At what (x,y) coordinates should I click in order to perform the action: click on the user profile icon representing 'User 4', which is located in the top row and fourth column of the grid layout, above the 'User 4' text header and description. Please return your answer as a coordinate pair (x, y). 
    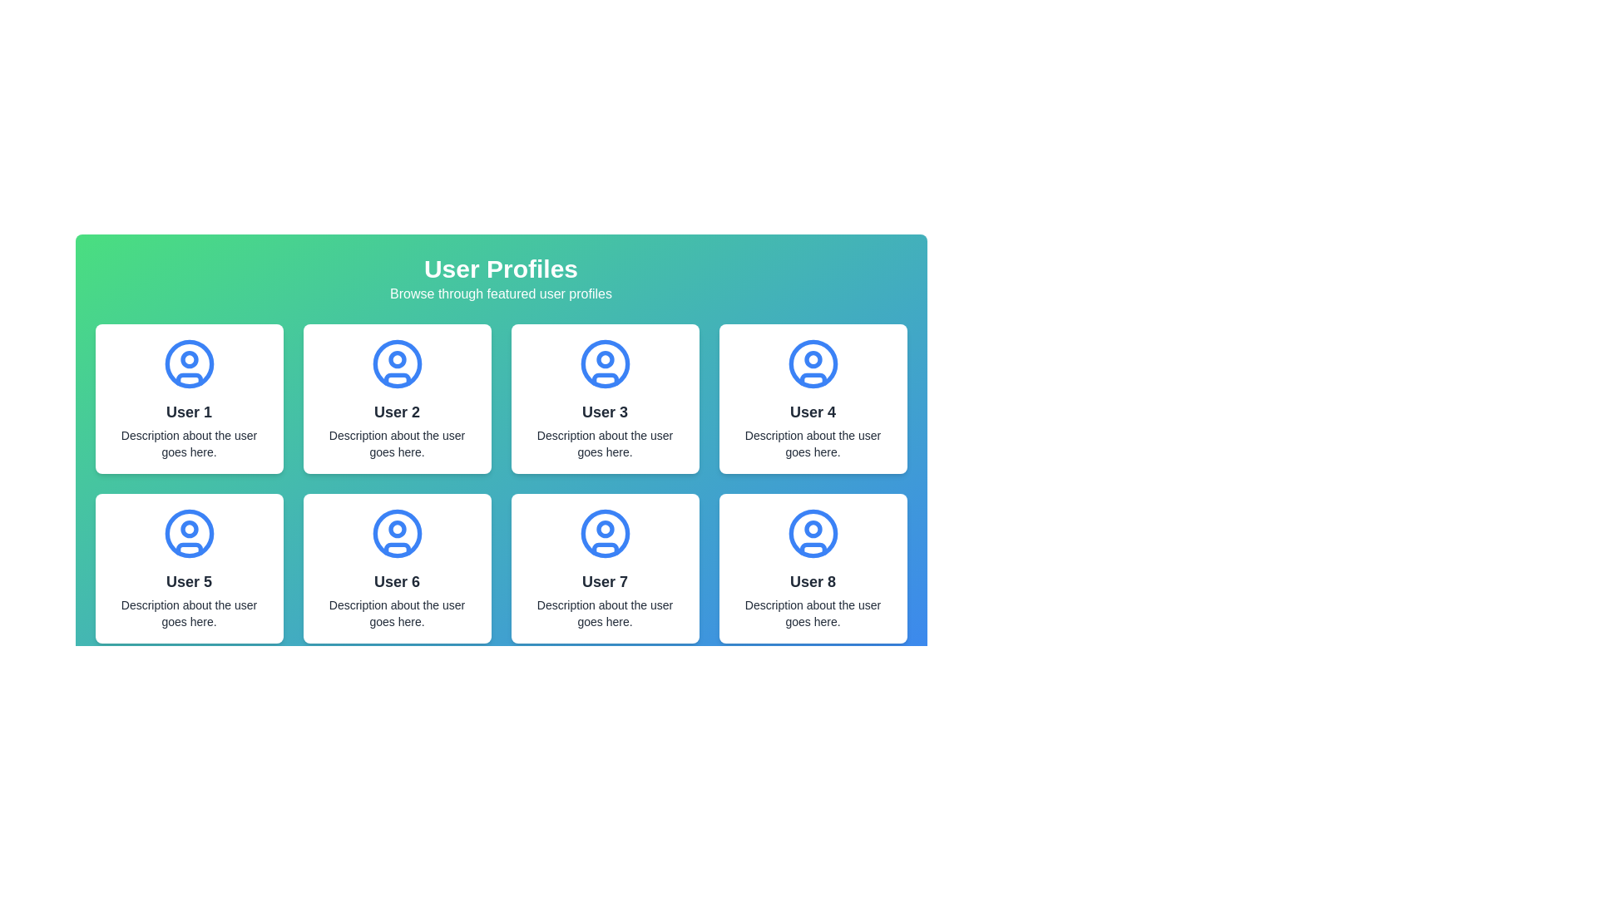
    Looking at the image, I should click on (813, 363).